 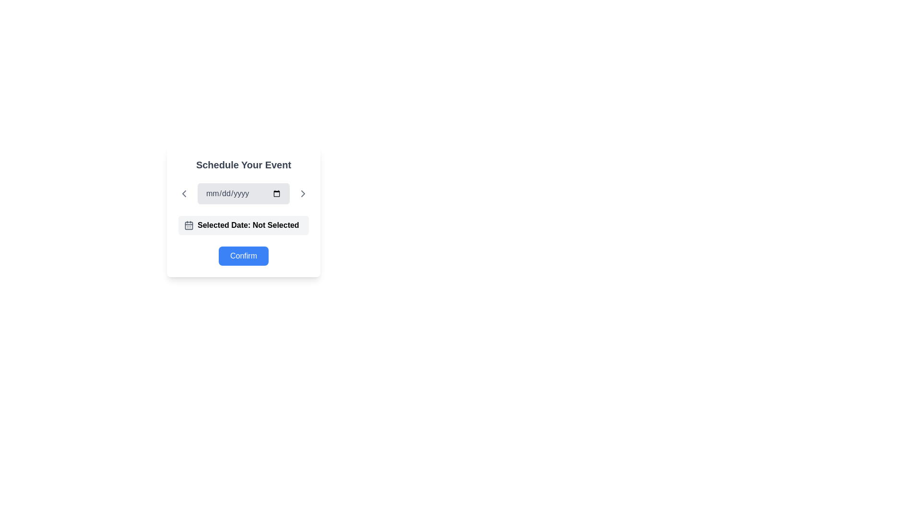 What do you see at coordinates (189, 225) in the screenshot?
I see `the calendar icon located to the left of the text 'Selected Date: Not Selected'` at bounding box center [189, 225].